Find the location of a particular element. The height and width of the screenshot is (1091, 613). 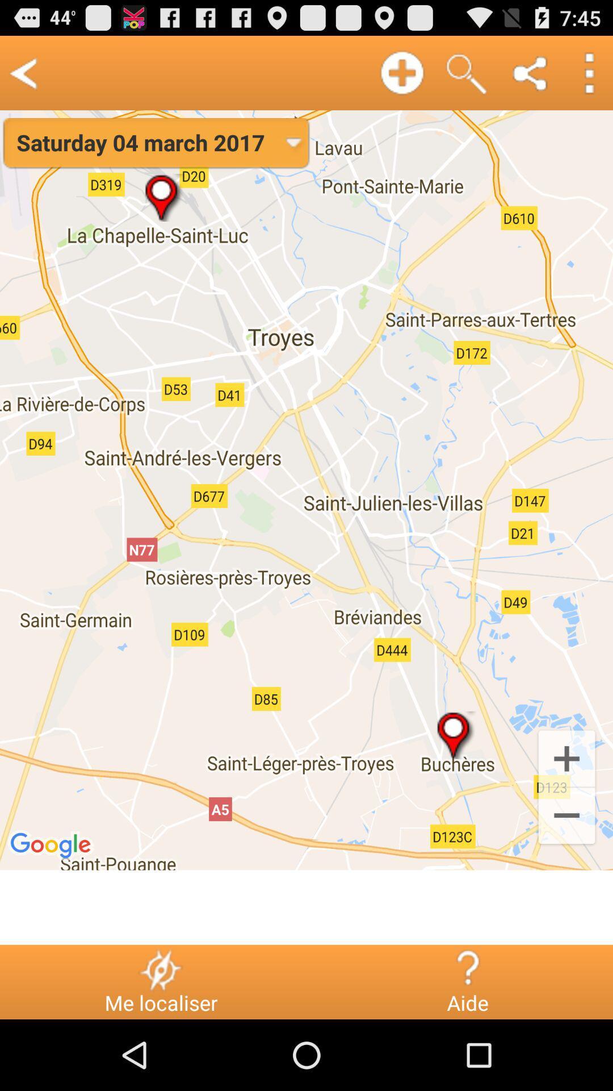

the more icon is located at coordinates (588, 77).